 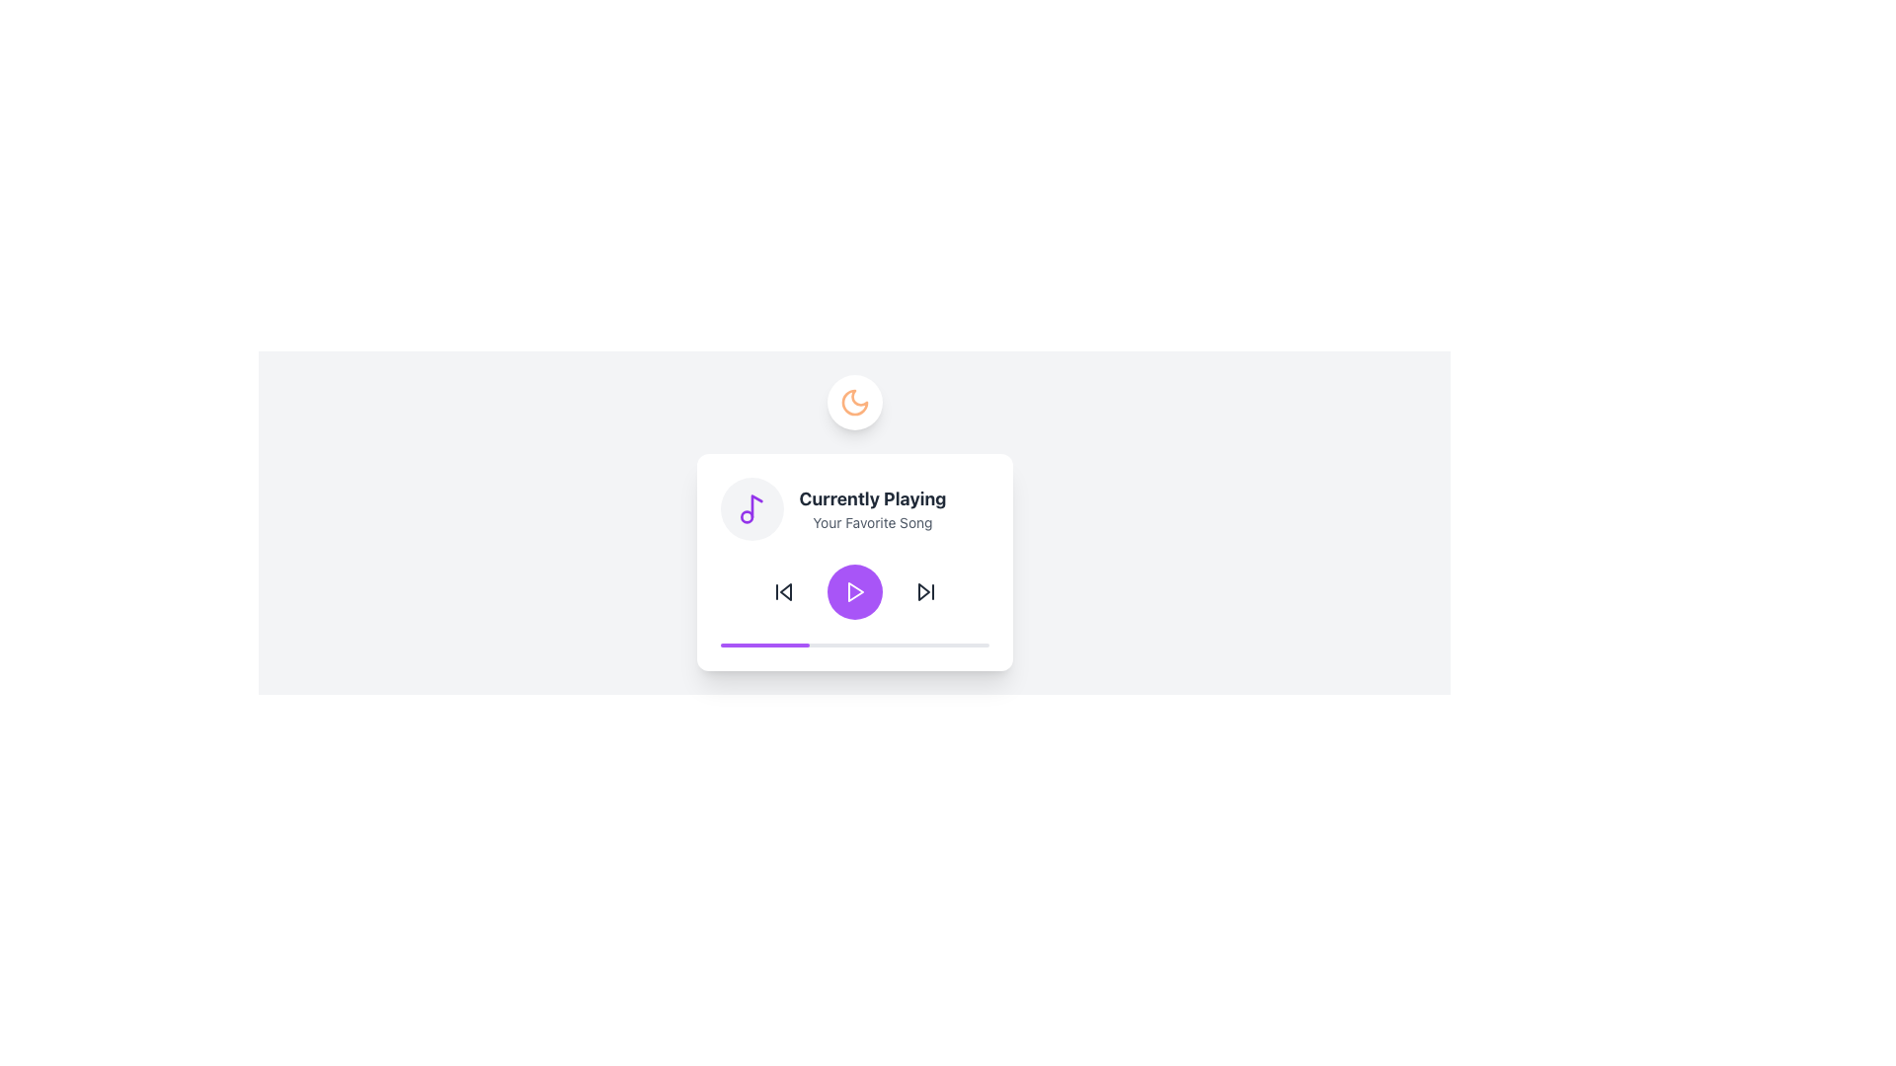 What do you see at coordinates (750, 508) in the screenshot?
I see `the purple music note icon positioned to the left of the 'Currently Playing' text within a circular light-gray background` at bounding box center [750, 508].